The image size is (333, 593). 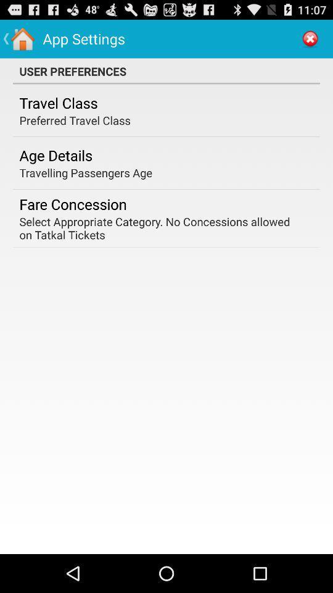 I want to click on the app above the user preferences, so click(x=310, y=38).